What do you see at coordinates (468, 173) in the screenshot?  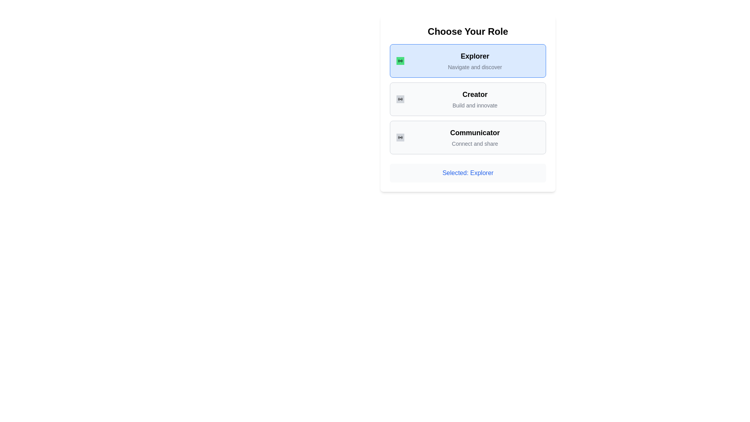 I see `the blue text element that reads 'Selected: Explorer', which is styled in bold and located at the bottom center of a white card-like interface` at bounding box center [468, 173].